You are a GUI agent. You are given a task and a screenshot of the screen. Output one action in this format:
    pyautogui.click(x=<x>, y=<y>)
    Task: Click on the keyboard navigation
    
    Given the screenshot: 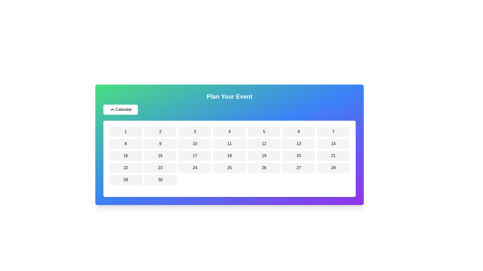 What is the action you would take?
    pyautogui.click(x=229, y=168)
    